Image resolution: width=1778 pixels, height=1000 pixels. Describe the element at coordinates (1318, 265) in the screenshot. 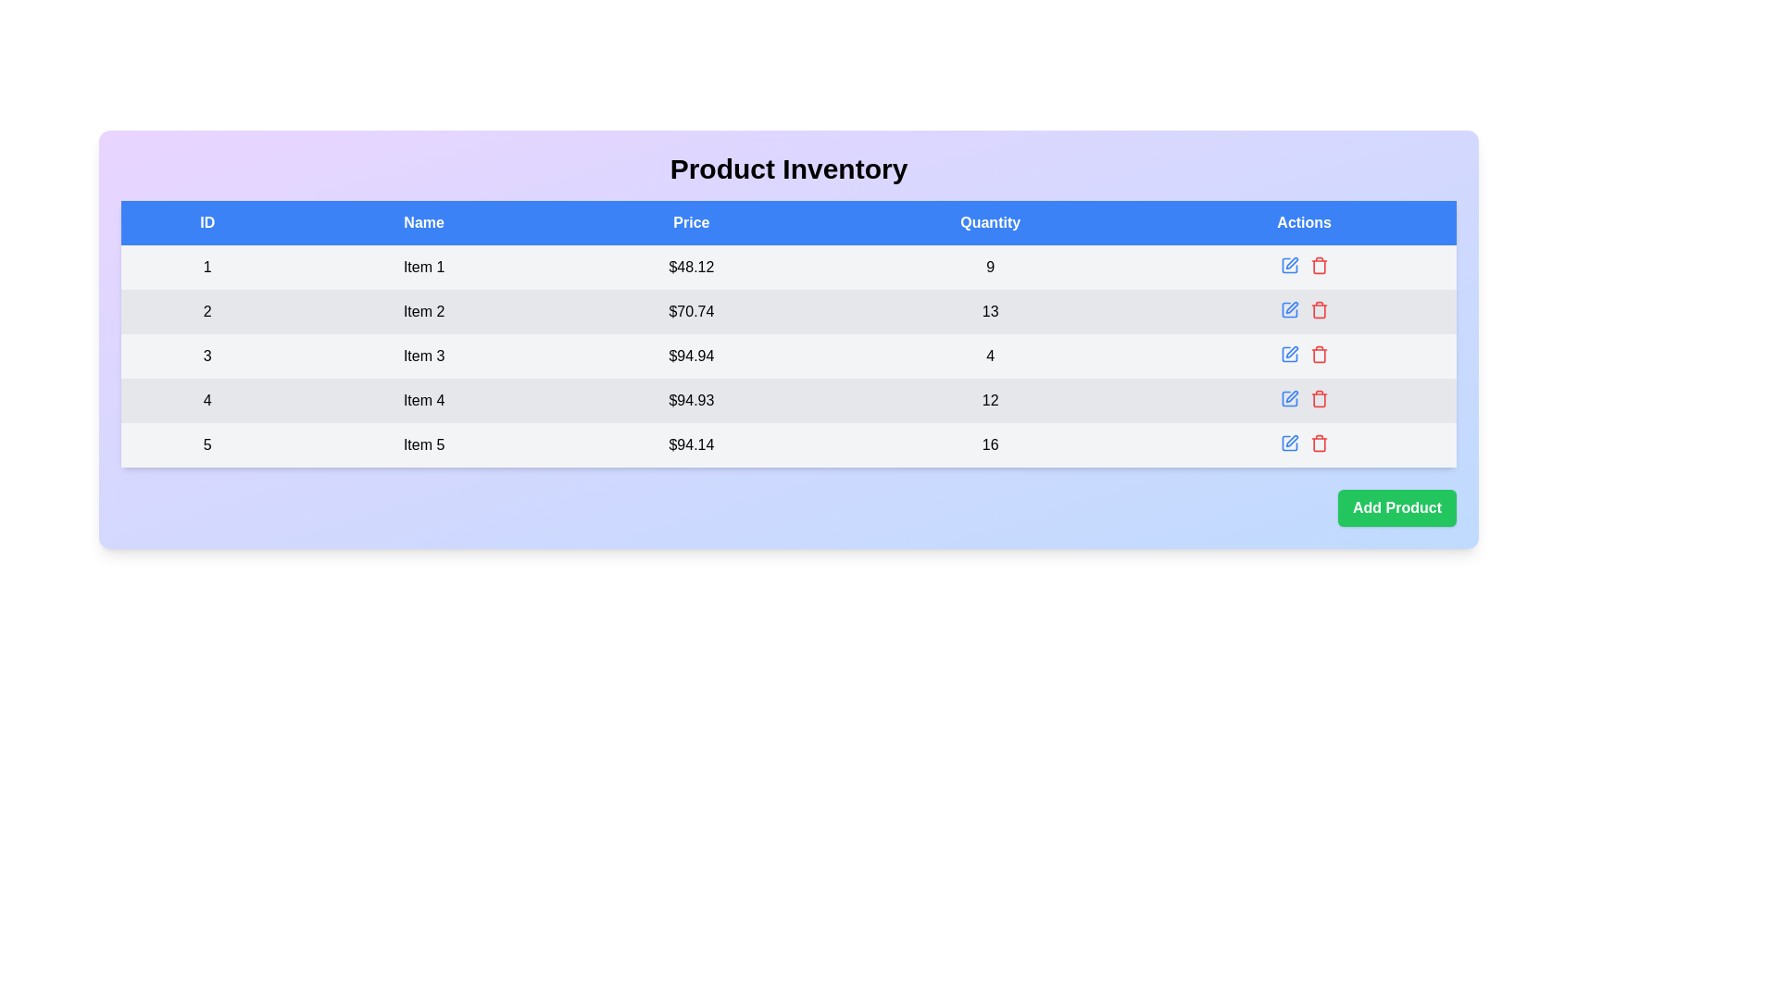

I see `the delete button icon located` at that location.